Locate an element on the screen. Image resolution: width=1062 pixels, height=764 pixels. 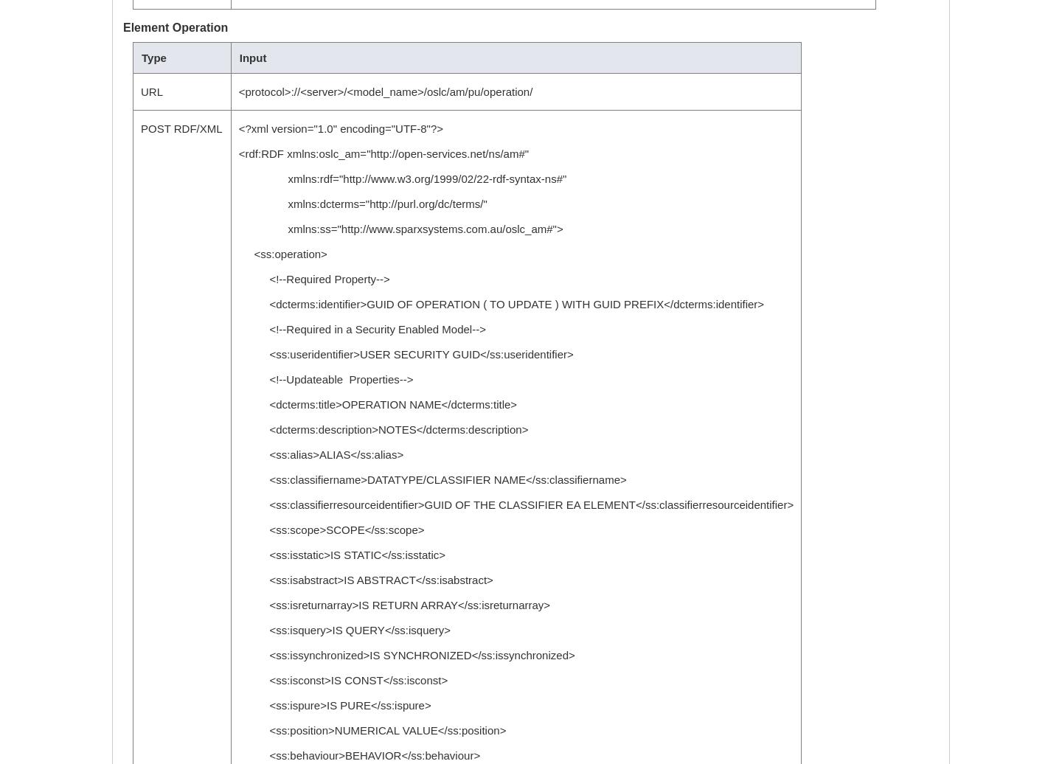
'<ss:position>NUMERICAL VALUE</ss:position>' is located at coordinates (237, 730).